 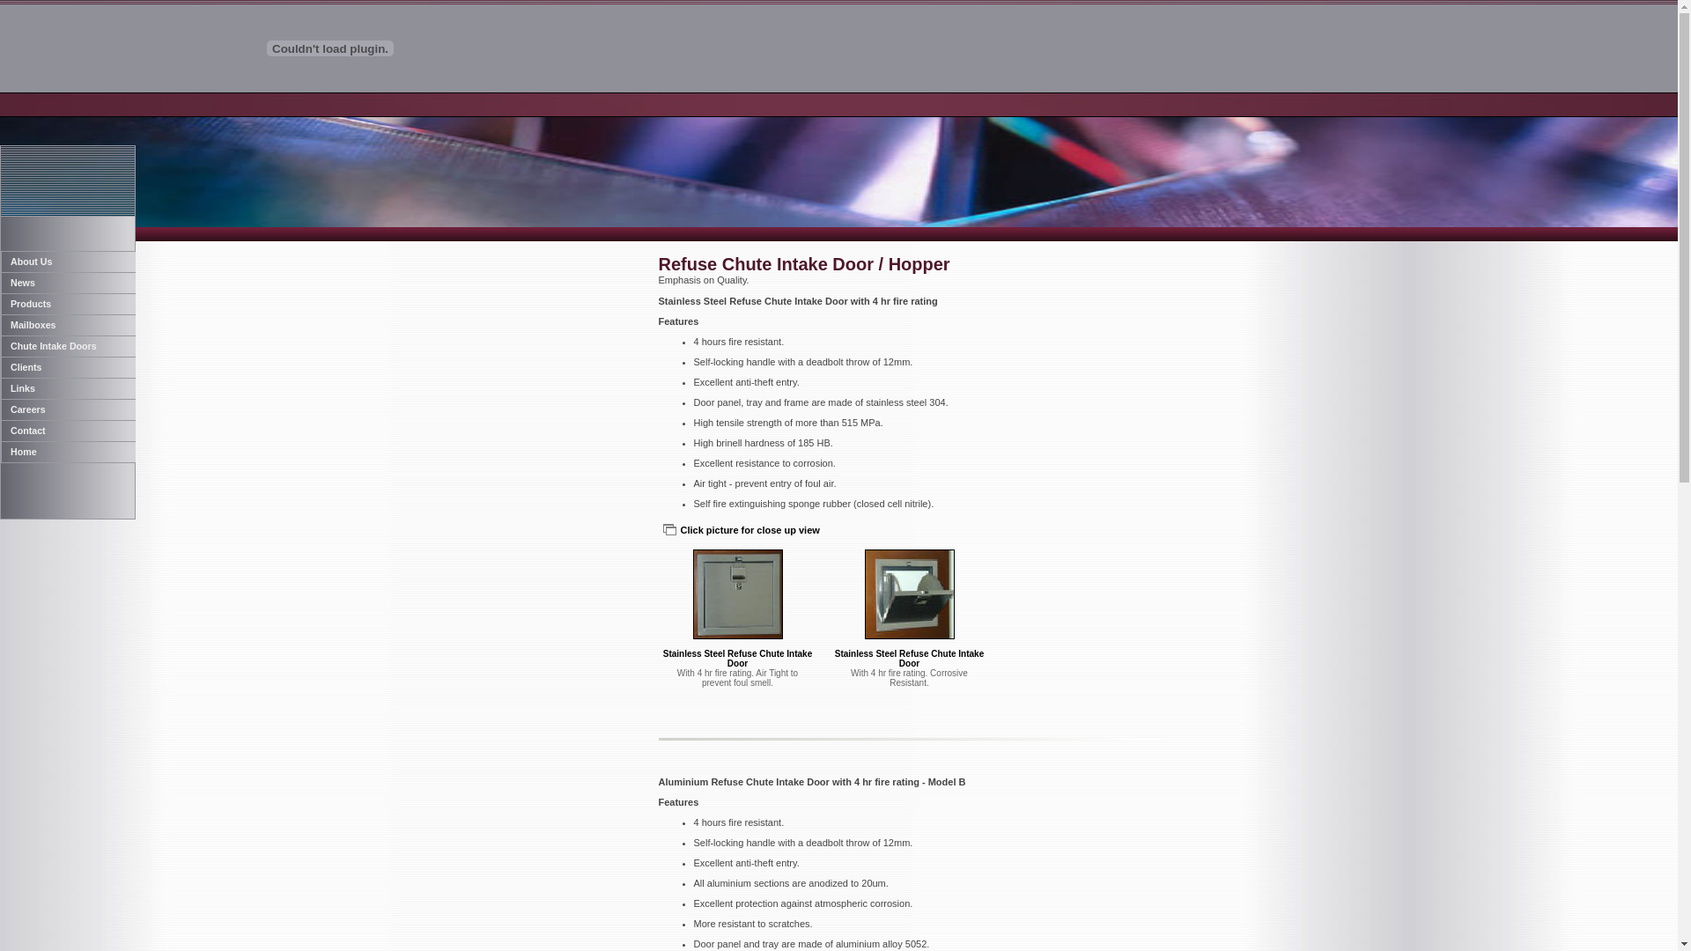 What do you see at coordinates (0, 262) in the screenshot?
I see `'About Us'` at bounding box center [0, 262].